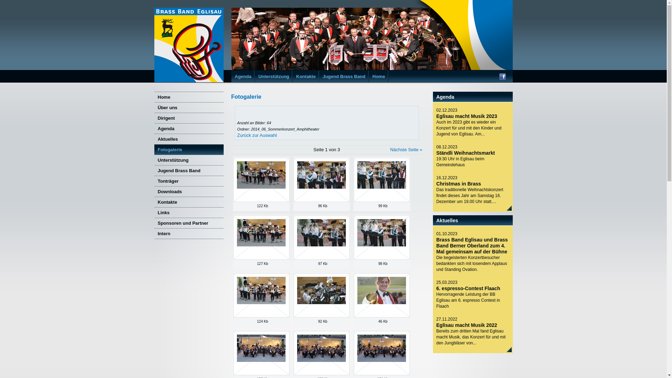  Describe the element at coordinates (188, 97) in the screenshot. I see `'Home'` at that location.